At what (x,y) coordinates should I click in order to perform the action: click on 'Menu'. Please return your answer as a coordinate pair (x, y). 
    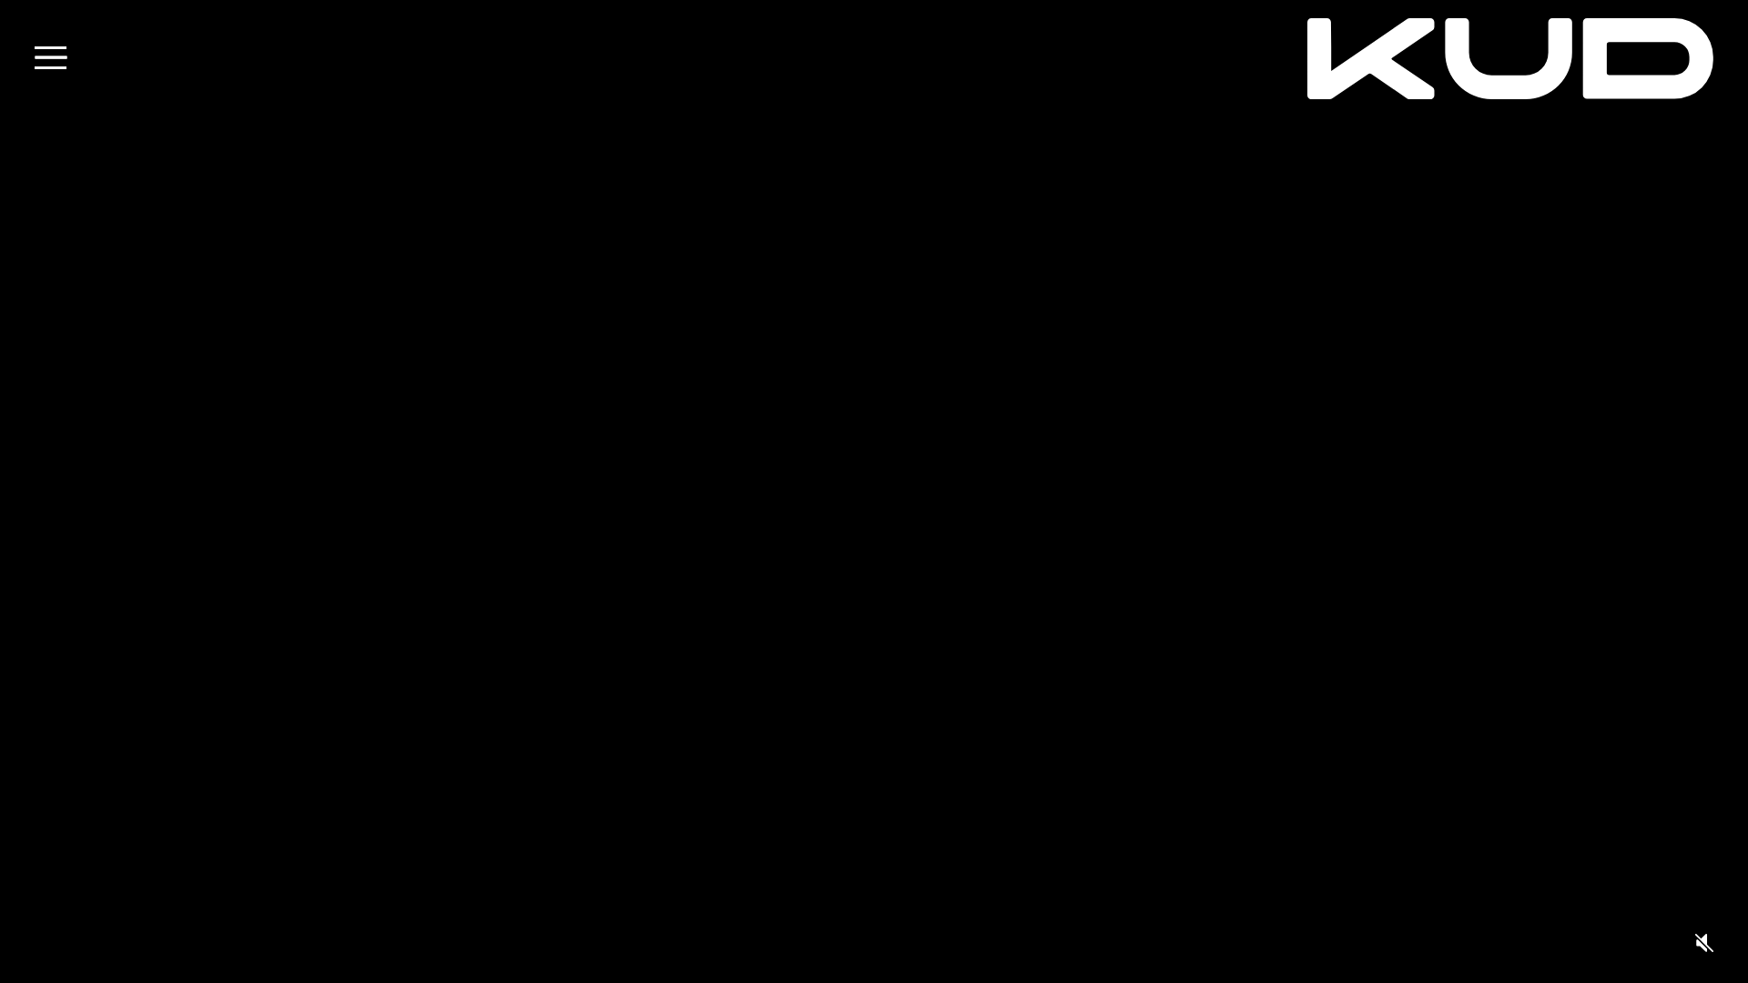
    Looking at the image, I should click on (50, 56).